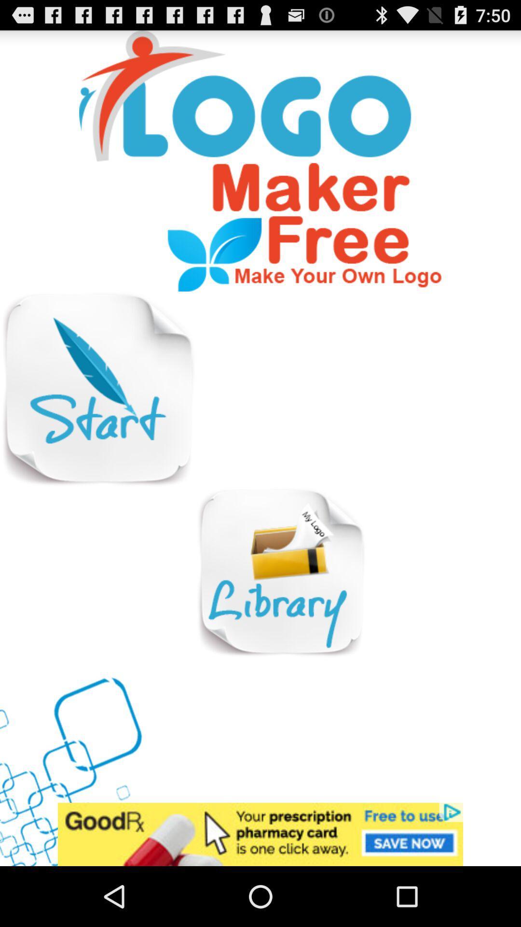  I want to click on open library, so click(281, 573).